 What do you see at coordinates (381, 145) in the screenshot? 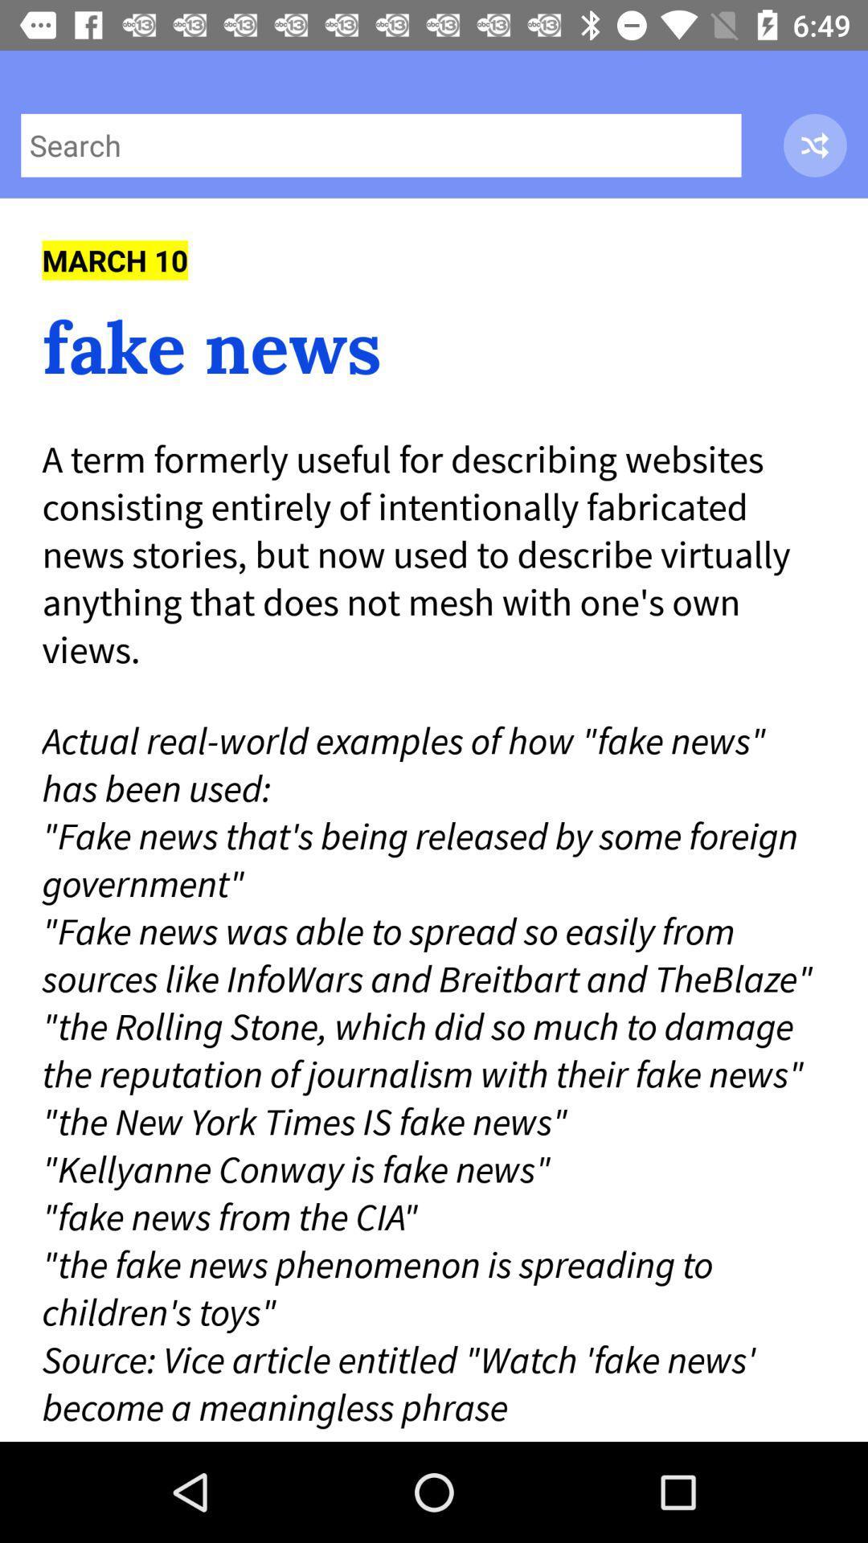
I see `search the website` at bounding box center [381, 145].